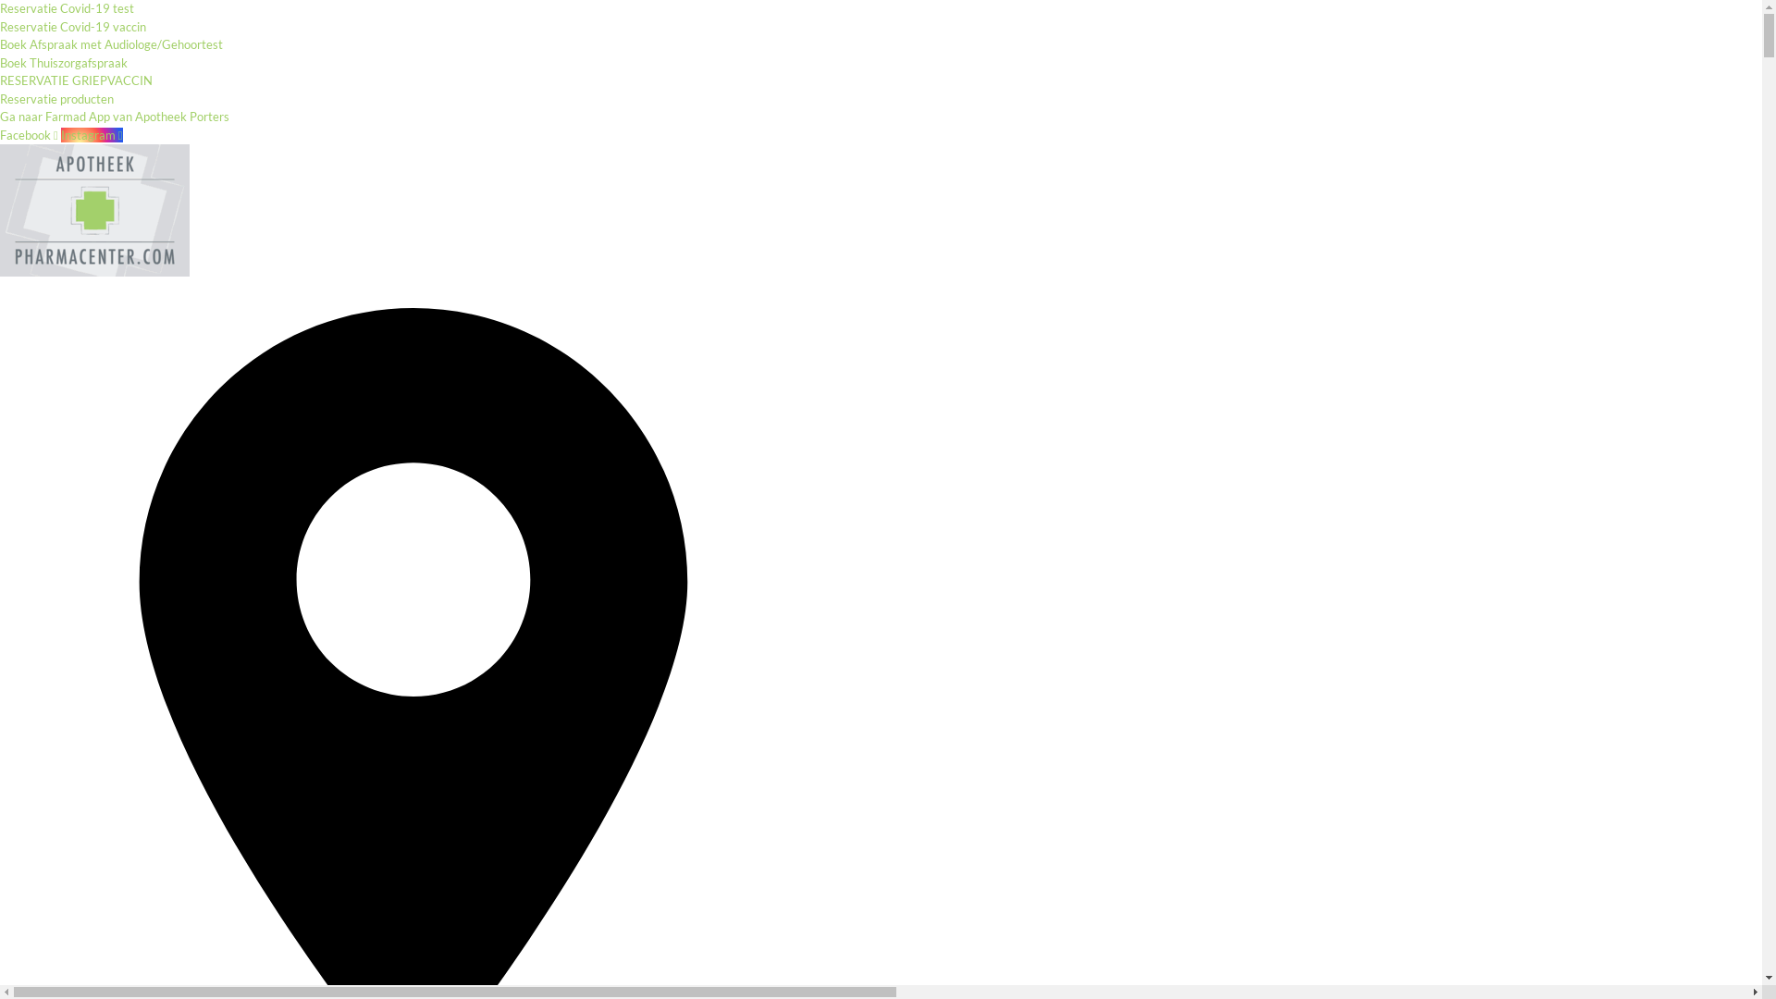 The height and width of the screenshot is (999, 1776). What do you see at coordinates (31, 134) in the screenshot?
I see `'Facebook'` at bounding box center [31, 134].